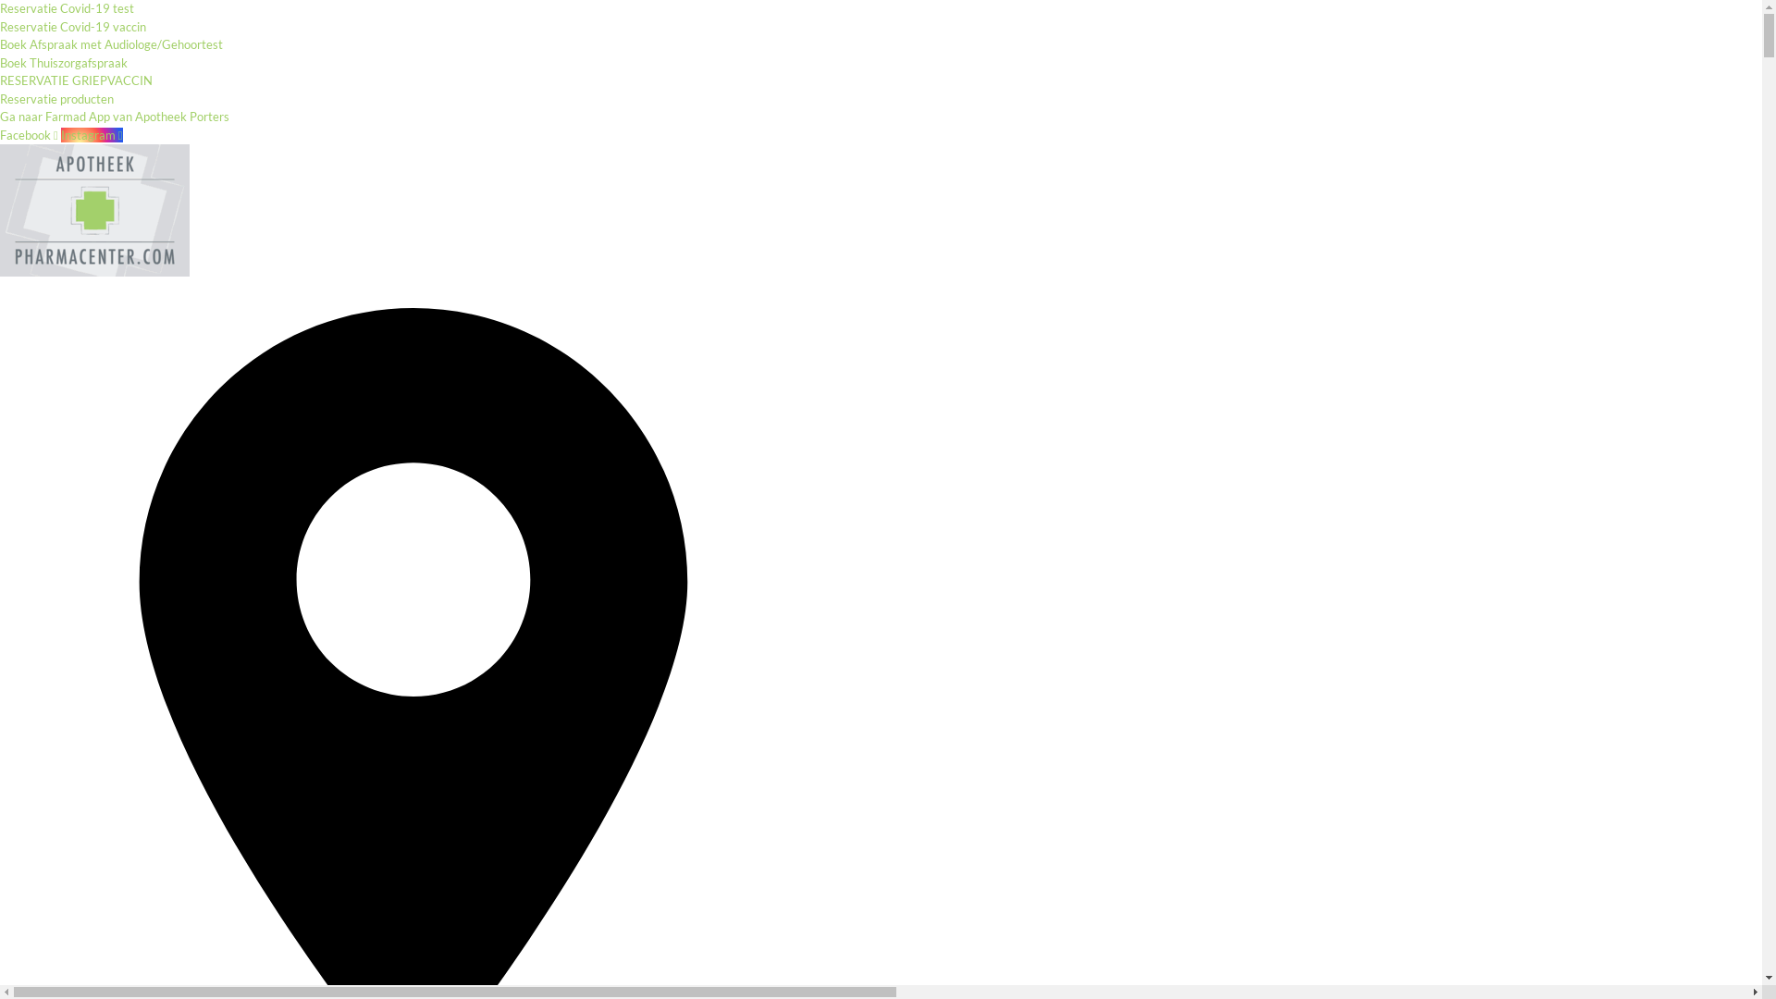 The height and width of the screenshot is (999, 1776). What do you see at coordinates (31, 134) in the screenshot?
I see `'Facebook'` at bounding box center [31, 134].